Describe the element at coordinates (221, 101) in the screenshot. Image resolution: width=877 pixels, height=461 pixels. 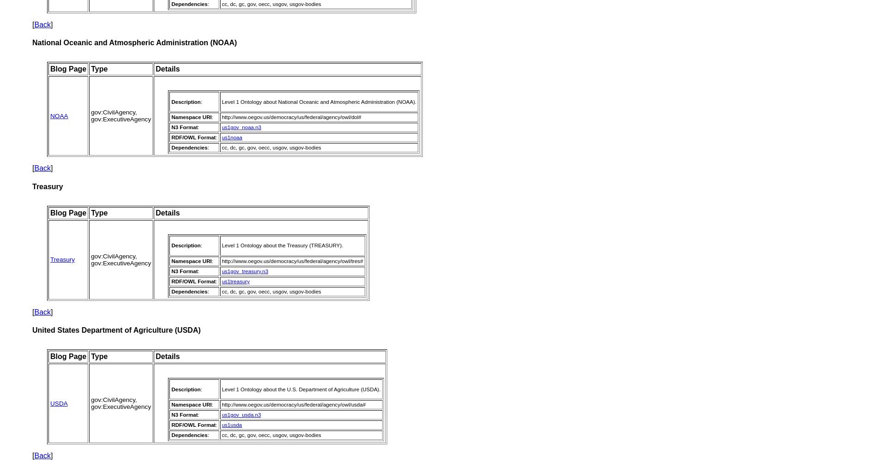
I see `'Level 1 Ontology about National Oceanic and Atmospheric Administration (NOAA).'` at that location.